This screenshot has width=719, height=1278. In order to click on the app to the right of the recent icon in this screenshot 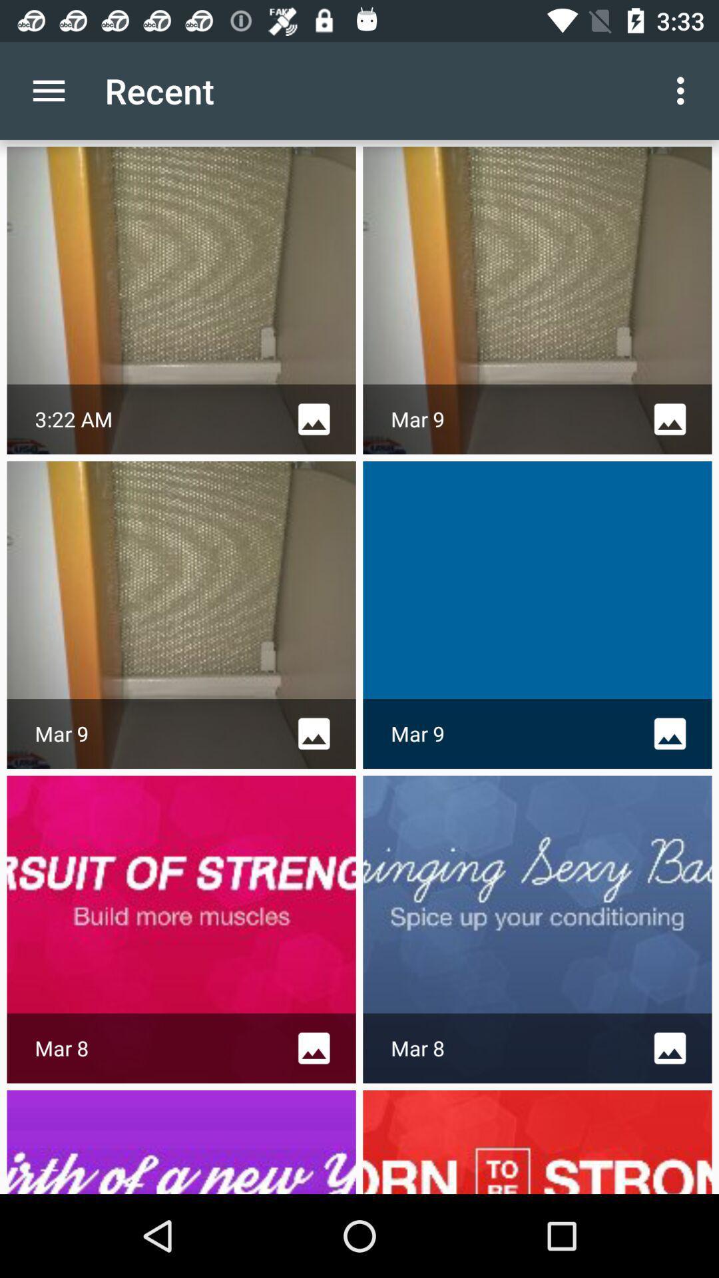, I will do `click(684, 90)`.